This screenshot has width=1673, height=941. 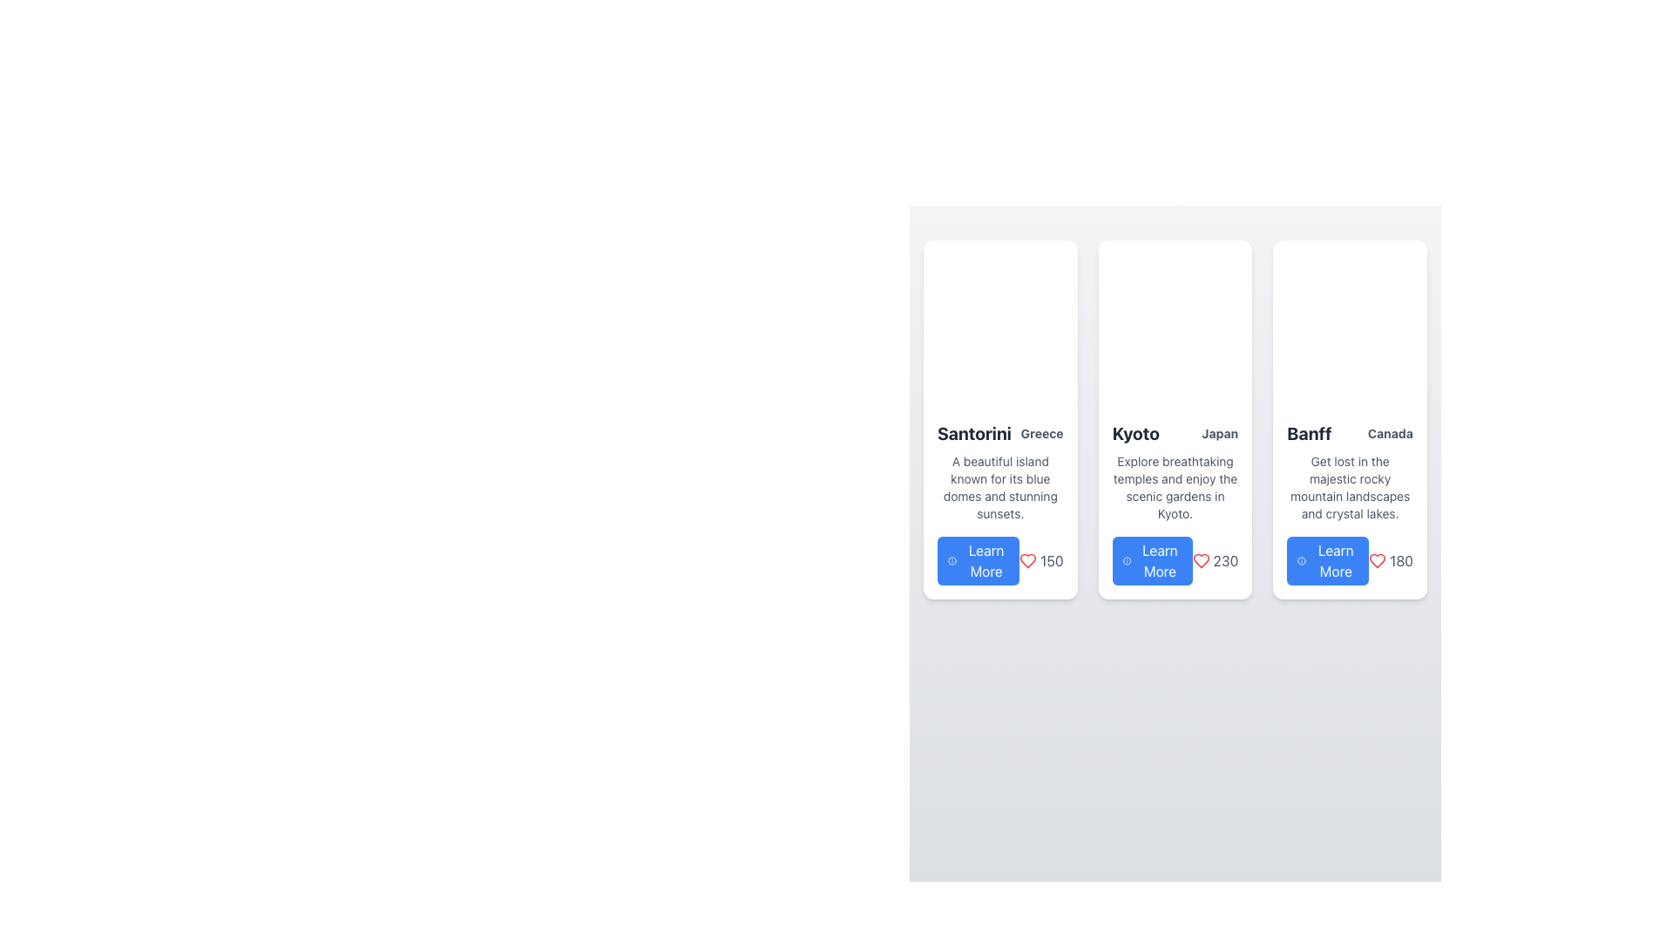 What do you see at coordinates (1349, 487) in the screenshot?
I see `text block displaying 'Get lost in the majestic rocky mountain landscapes and crystal lakes.' located beneath the title 'Banff' and subtitle 'Canada.'` at bounding box center [1349, 487].